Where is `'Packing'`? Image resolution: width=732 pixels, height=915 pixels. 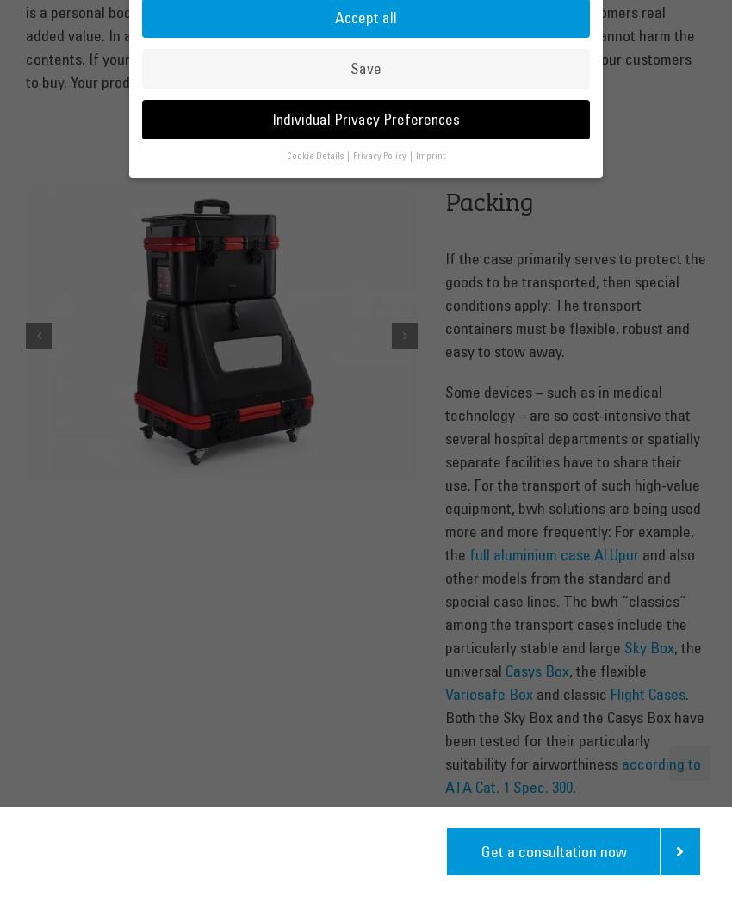
'Packing' is located at coordinates (488, 198).